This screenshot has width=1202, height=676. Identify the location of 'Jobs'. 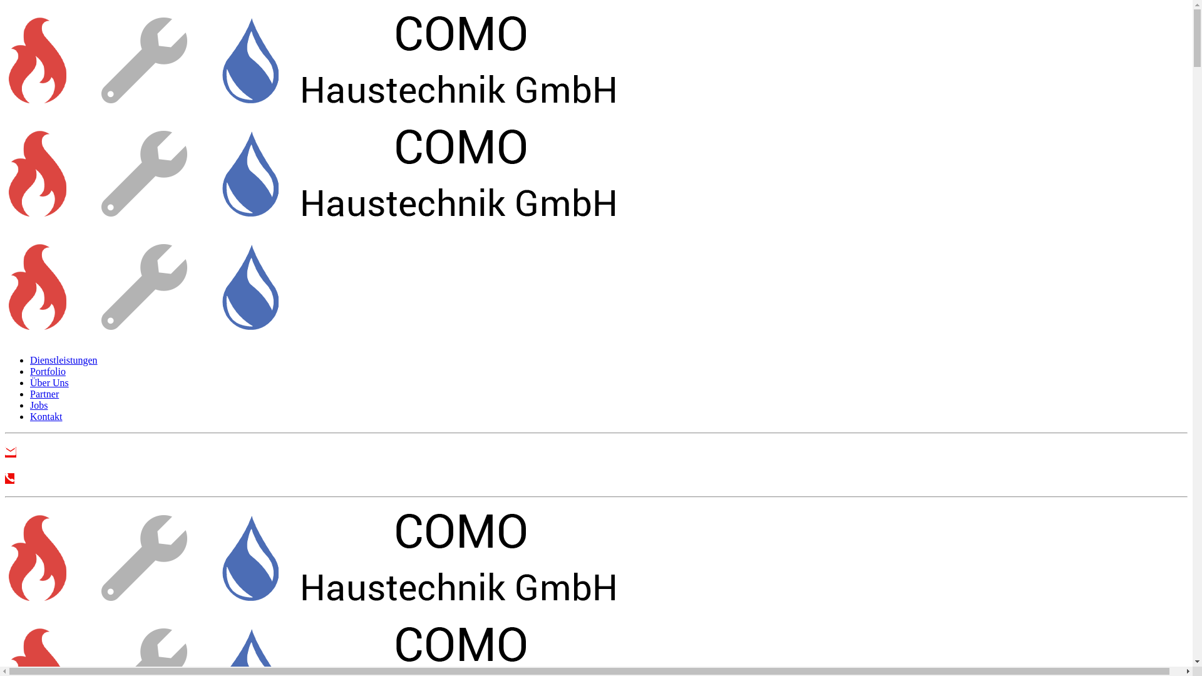
(39, 405).